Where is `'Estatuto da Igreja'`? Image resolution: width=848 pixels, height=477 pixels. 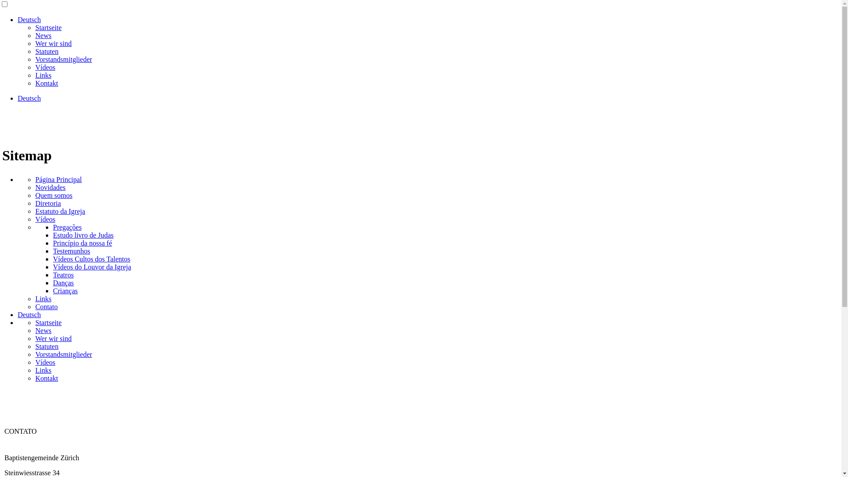 'Estatuto da Igreja' is located at coordinates (60, 211).